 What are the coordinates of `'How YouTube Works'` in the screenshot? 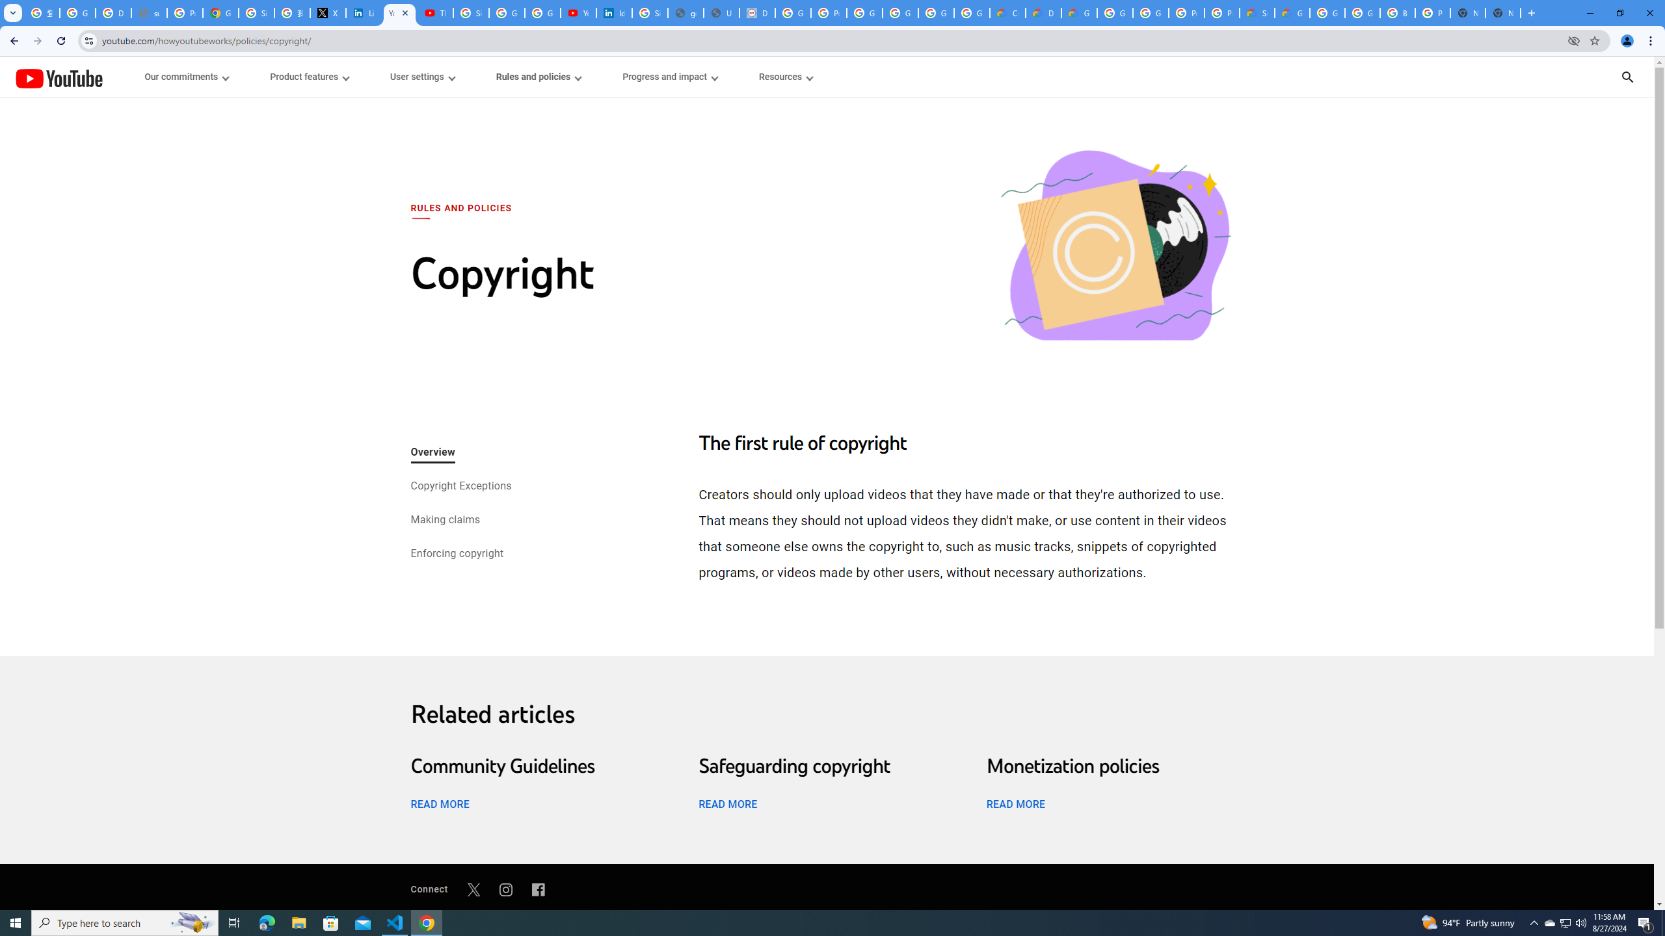 It's located at (58, 77).